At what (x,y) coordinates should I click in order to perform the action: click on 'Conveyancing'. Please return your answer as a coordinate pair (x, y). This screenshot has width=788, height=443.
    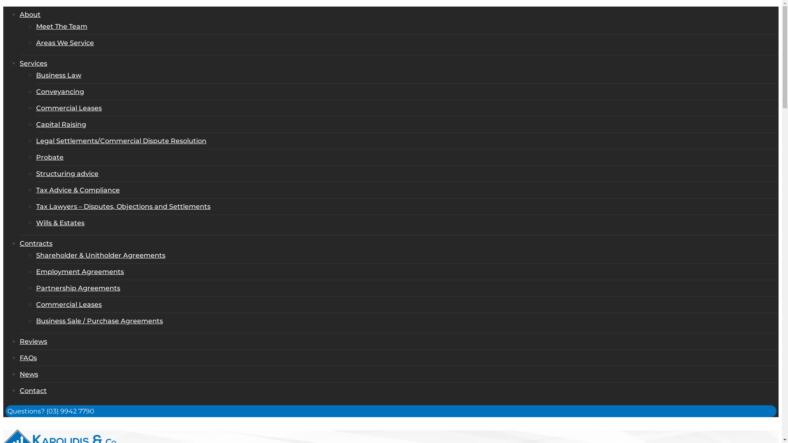
    Looking at the image, I should click on (60, 91).